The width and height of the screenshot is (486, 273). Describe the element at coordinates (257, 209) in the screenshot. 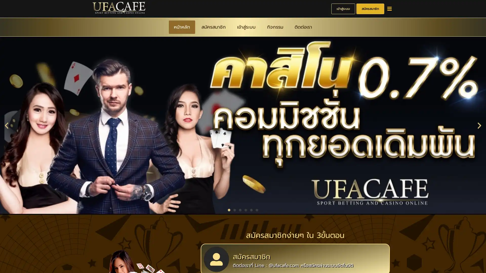

I see `Go to slide 6` at that location.